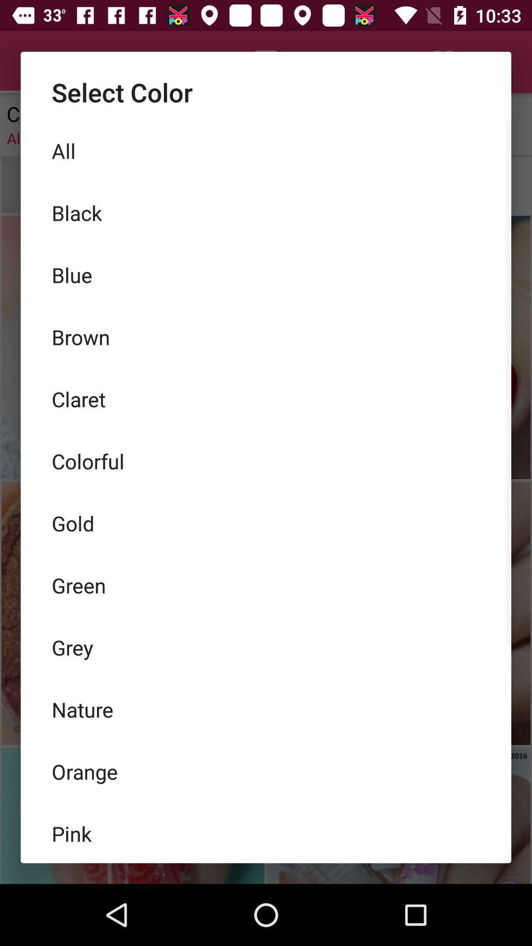 The width and height of the screenshot is (532, 946). I want to click on icon above black icon, so click(266, 150).